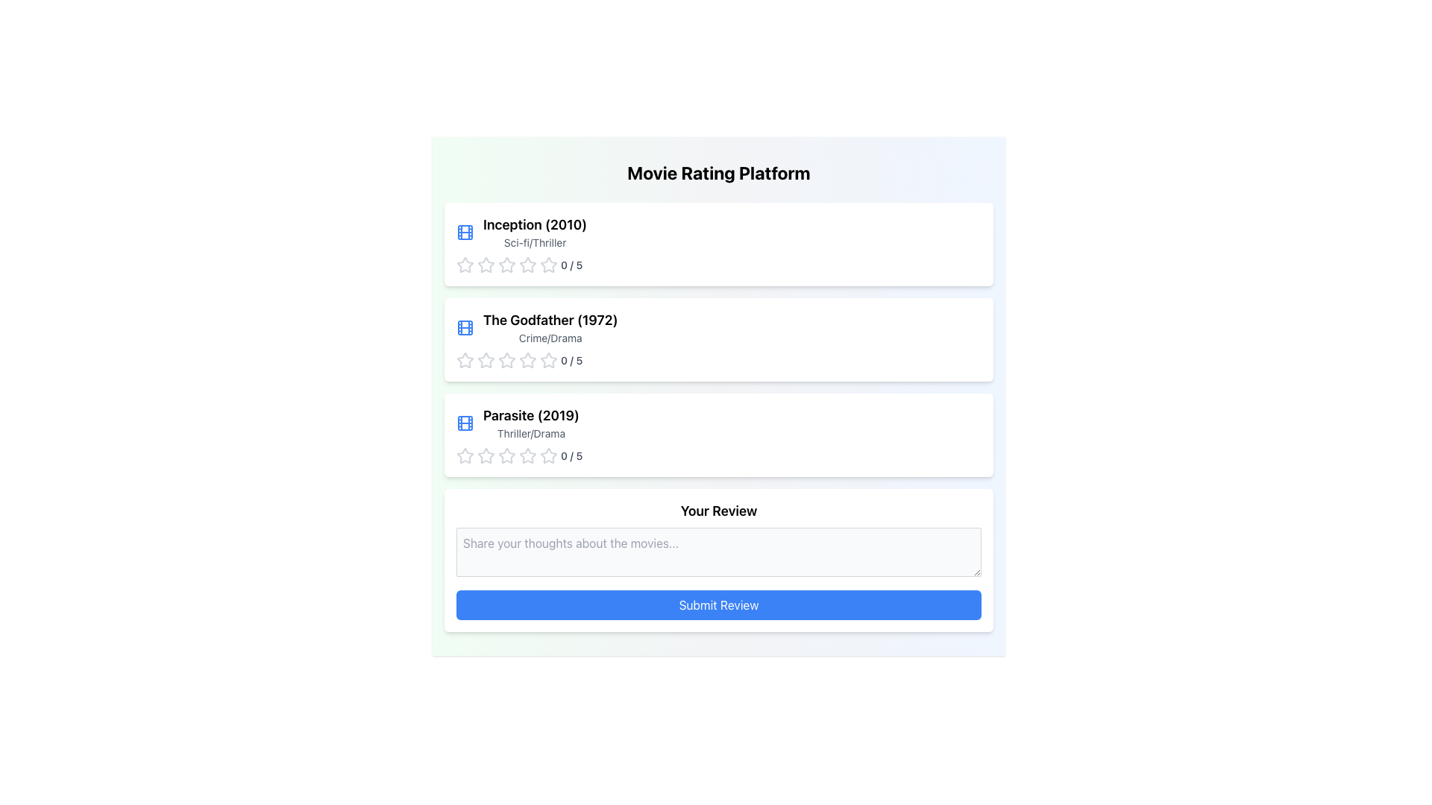 This screenshot has height=805, width=1432. Describe the element at coordinates (486, 264) in the screenshot. I see `the first star icon of the rating system for the movie 'Inception (2010)'` at that location.